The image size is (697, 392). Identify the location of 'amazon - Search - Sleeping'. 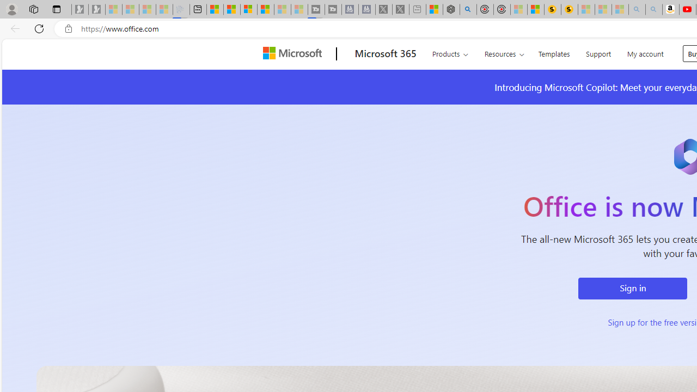
(637, 9).